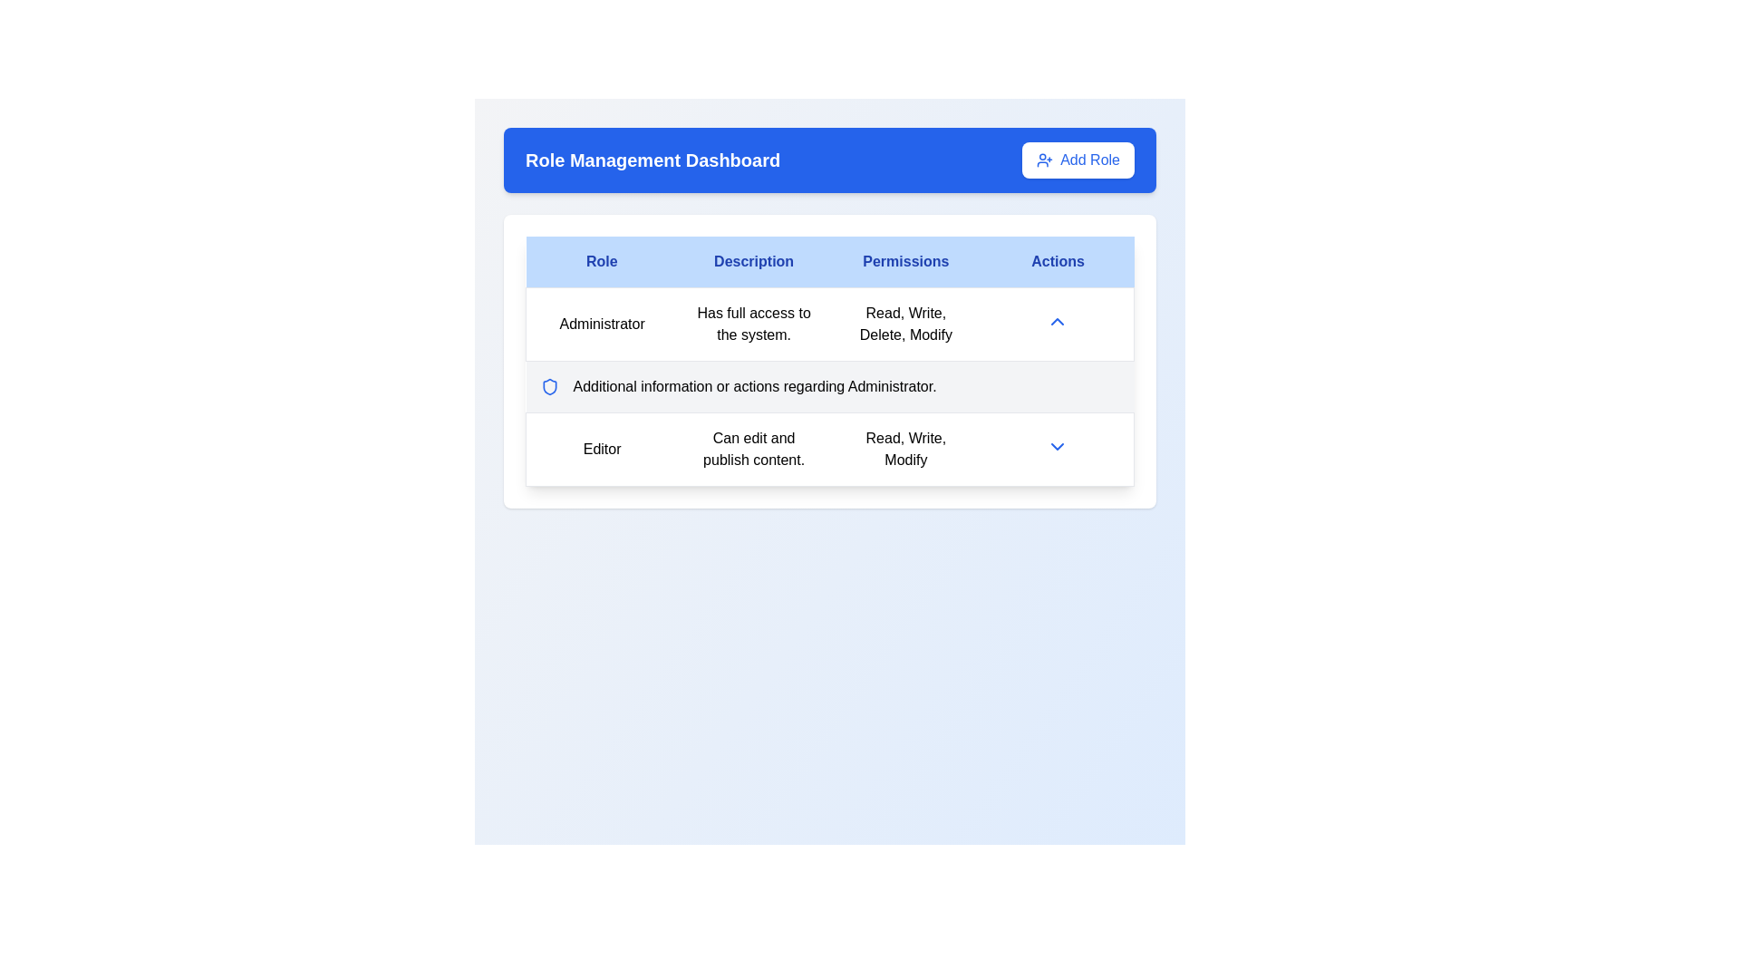 This screenshot has height=979, width=1740. What do you see at coordinates (754, 324) in the screenshot?
I see `the text label containing 'Has full access to the system.' in the 'Description' column of the Role Management Dashboard` at bounding box center [754, 324].